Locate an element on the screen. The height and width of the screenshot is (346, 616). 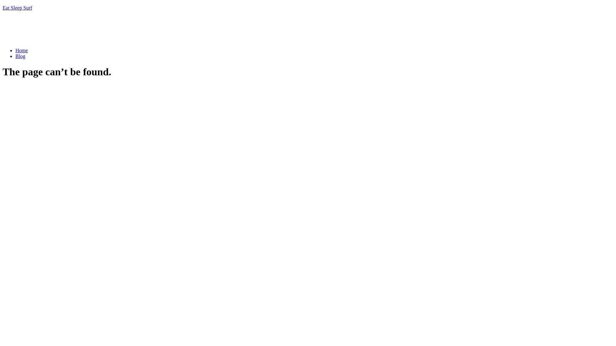
'Eat Sleep Surf' is located at coordinates (17, 8).